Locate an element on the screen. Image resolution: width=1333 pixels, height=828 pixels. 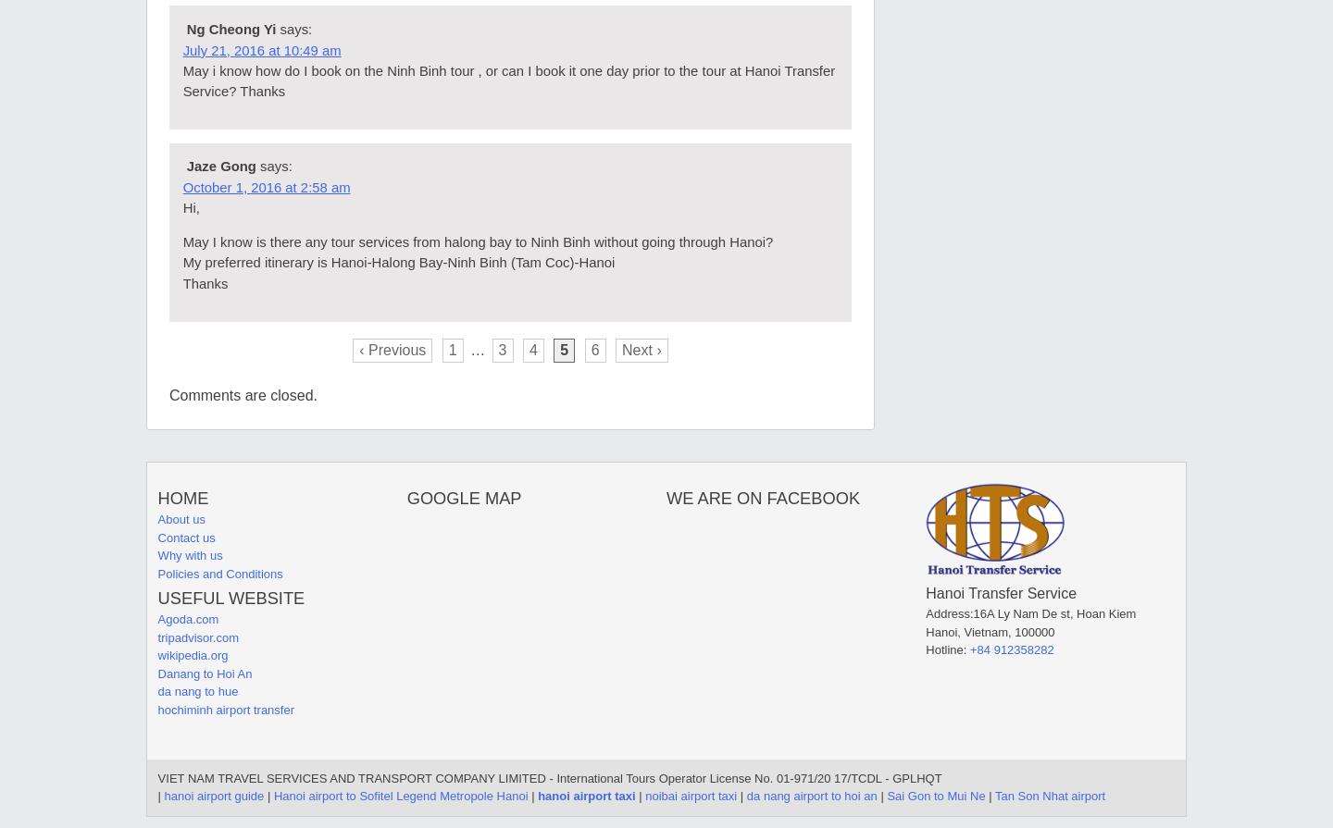
'Google map' is located at coordinates (462, 497).